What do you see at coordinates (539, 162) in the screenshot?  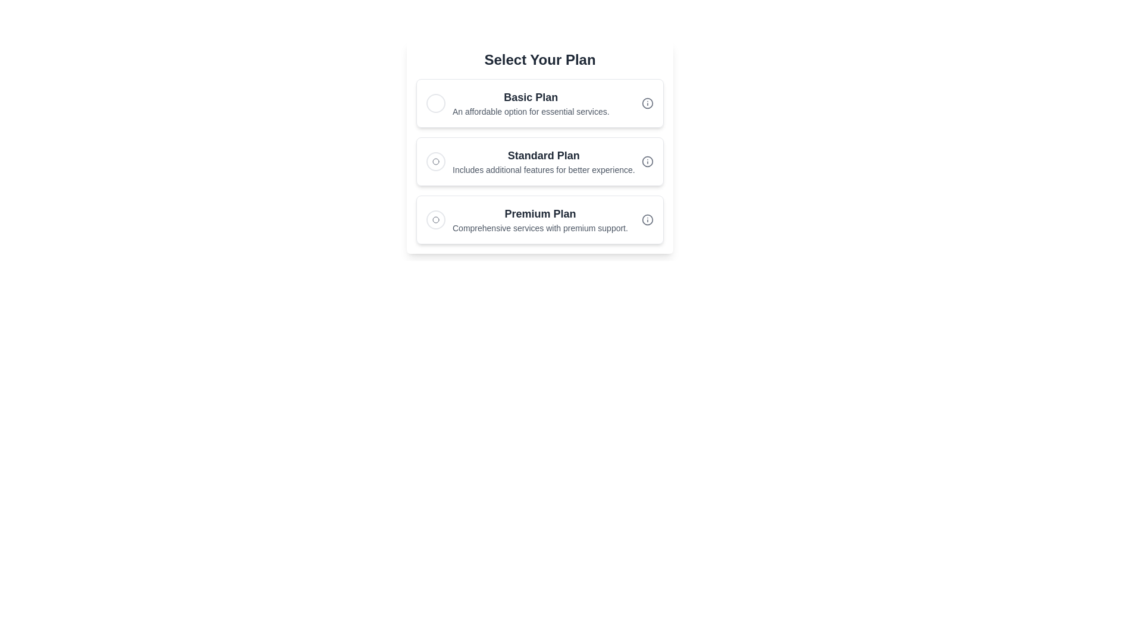 I see `the 'Standard Plan' selection card, which is the second card in the vertical list under the header 'Select Your Plan.'` at bounding box center [539, 162].